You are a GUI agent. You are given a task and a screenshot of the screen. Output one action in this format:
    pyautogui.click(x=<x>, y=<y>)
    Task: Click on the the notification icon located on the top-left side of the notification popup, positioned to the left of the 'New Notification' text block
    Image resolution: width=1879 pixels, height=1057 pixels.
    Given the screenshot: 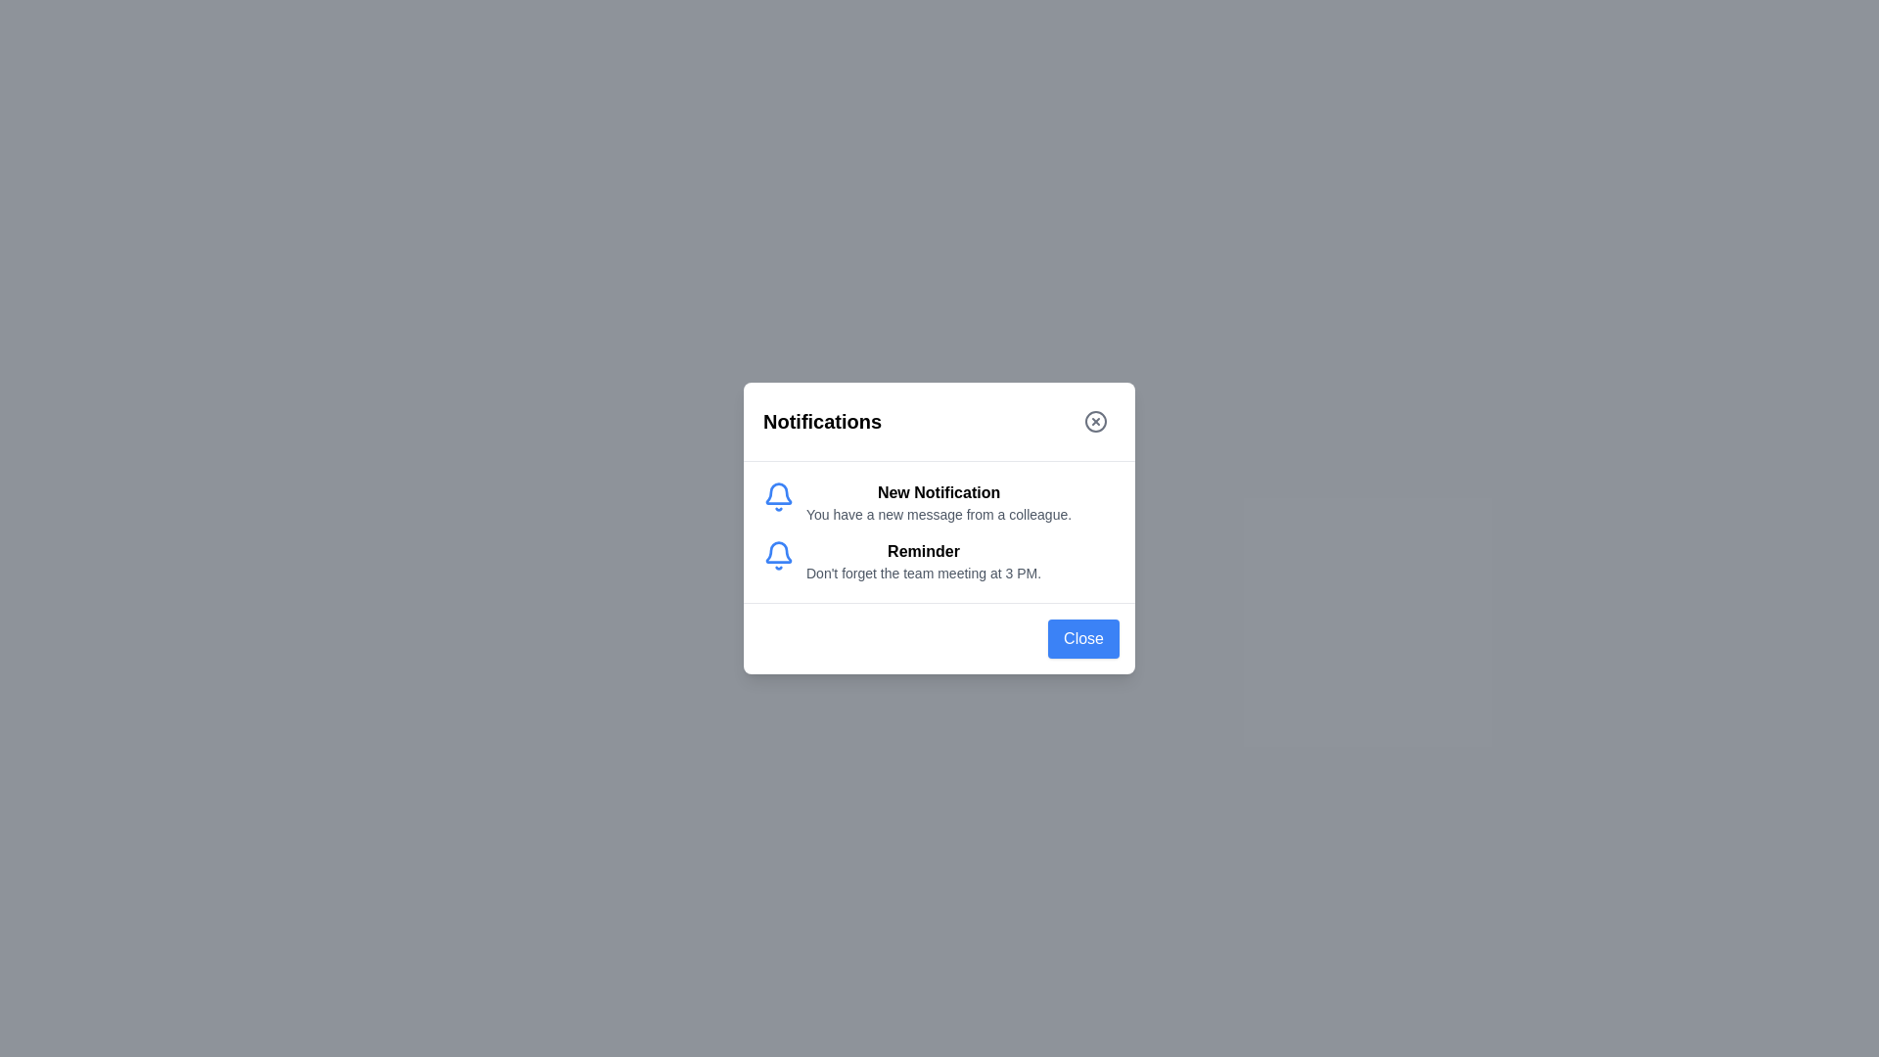 What is the action you would take?
    pyautogui.click(x=778, y=496)
    